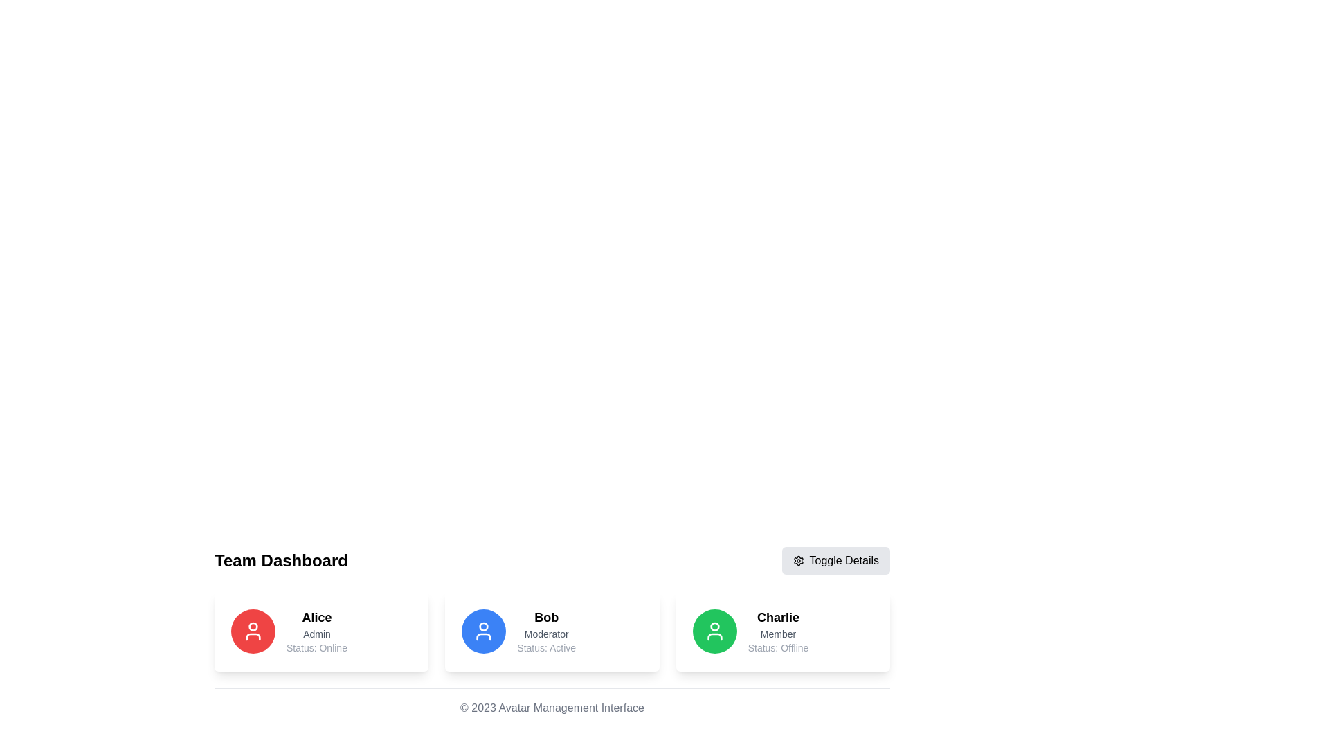  What do you see at coordinates (551, 707) in the screenshot?
I see `the footer text element which displays '© 2023 Avatar Management Interface' at the bottom of the interface` at bounding box center [551, 707].